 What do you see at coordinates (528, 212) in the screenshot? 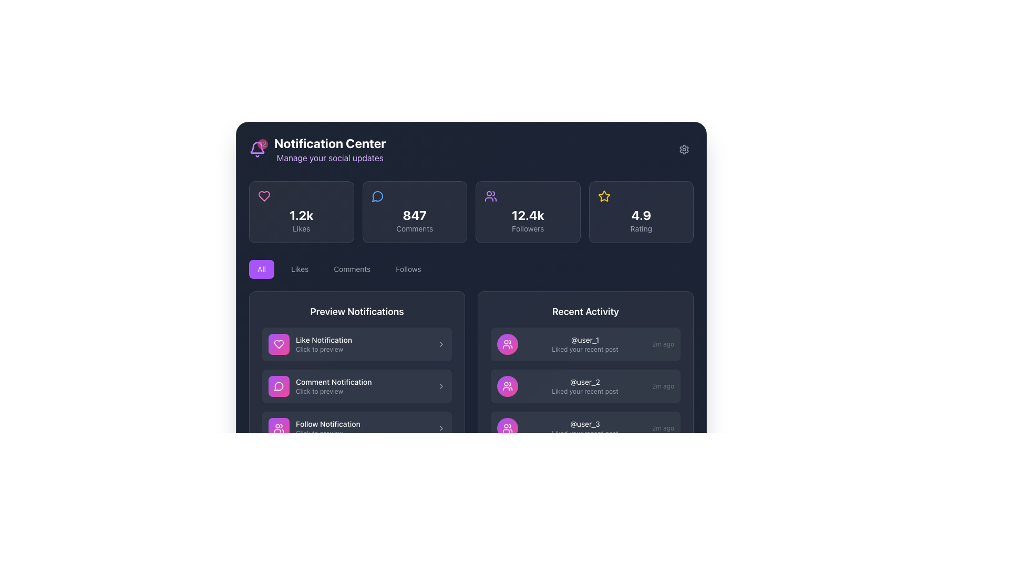
I see `the displayed information on the metric card showing '12.4k Followers', which is the third card in a horizontal series of four elements` at bounding box center [528, 212].